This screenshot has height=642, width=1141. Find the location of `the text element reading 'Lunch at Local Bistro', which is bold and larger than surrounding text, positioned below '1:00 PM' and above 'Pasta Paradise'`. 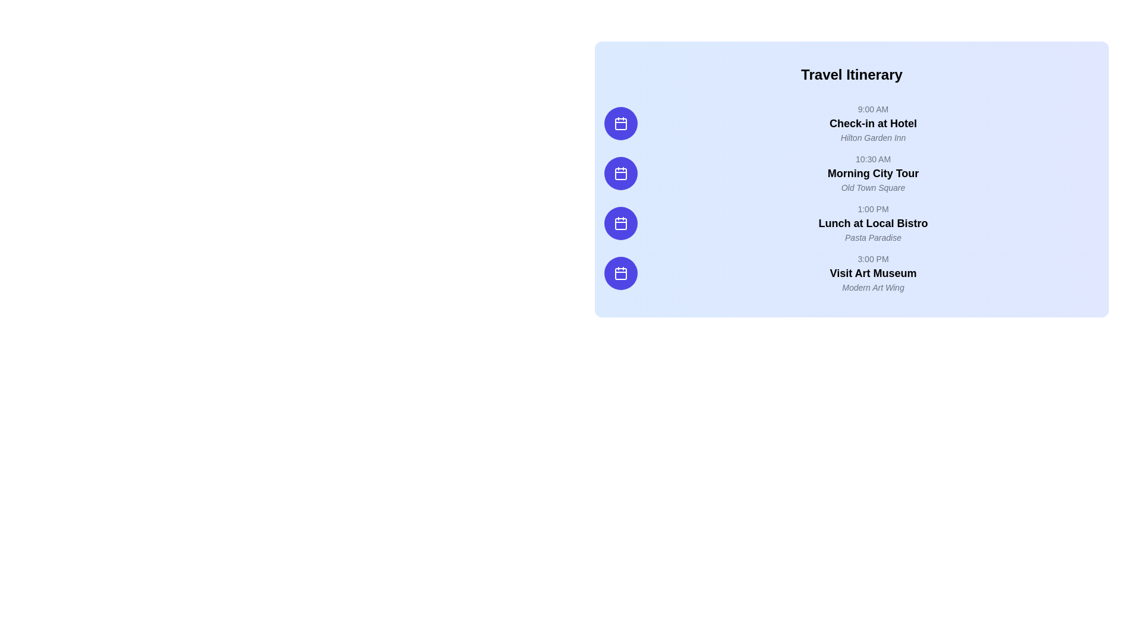

the text element reading 'Lunch at Local Bistro', which is bold and larger than surrounding text, positioned below '1:00 PM' and above 'Pasta Paradise' is located at coordinates (873, 223).